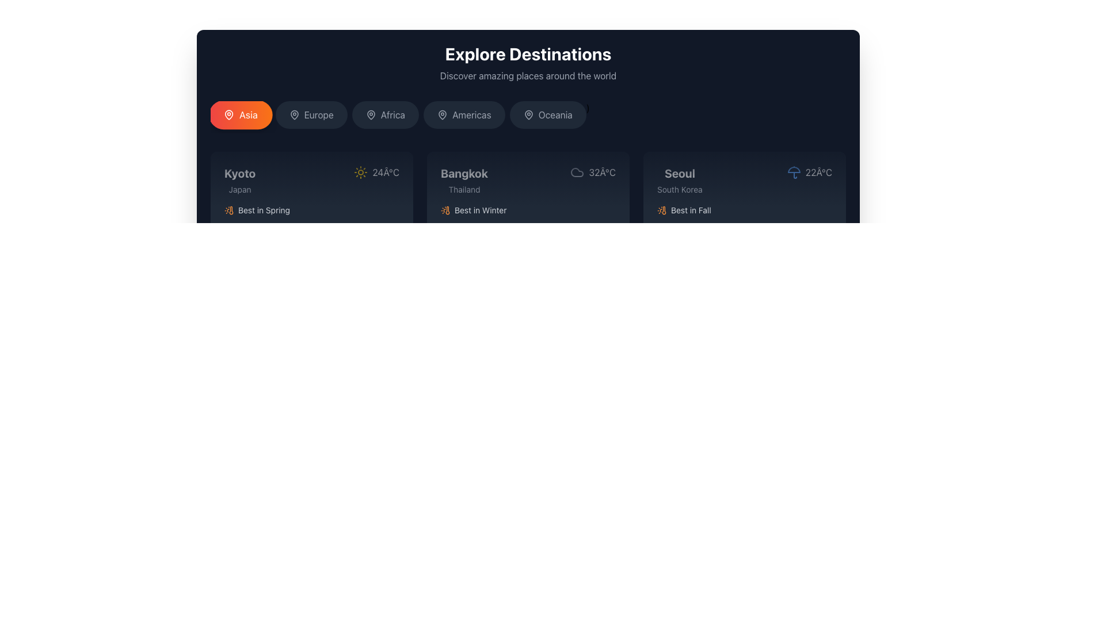 This screenshot has height=621, width=1105. Describe the element at coordinates (239, 115) in the screenshot. I see `the 'Asia' region selection button, which is the first button in a horizontal group at the top of the interface` at that location.